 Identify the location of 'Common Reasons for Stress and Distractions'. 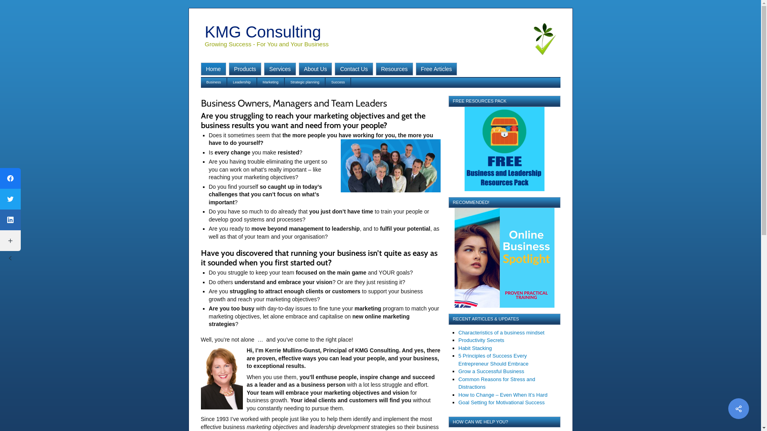
(496, 382).